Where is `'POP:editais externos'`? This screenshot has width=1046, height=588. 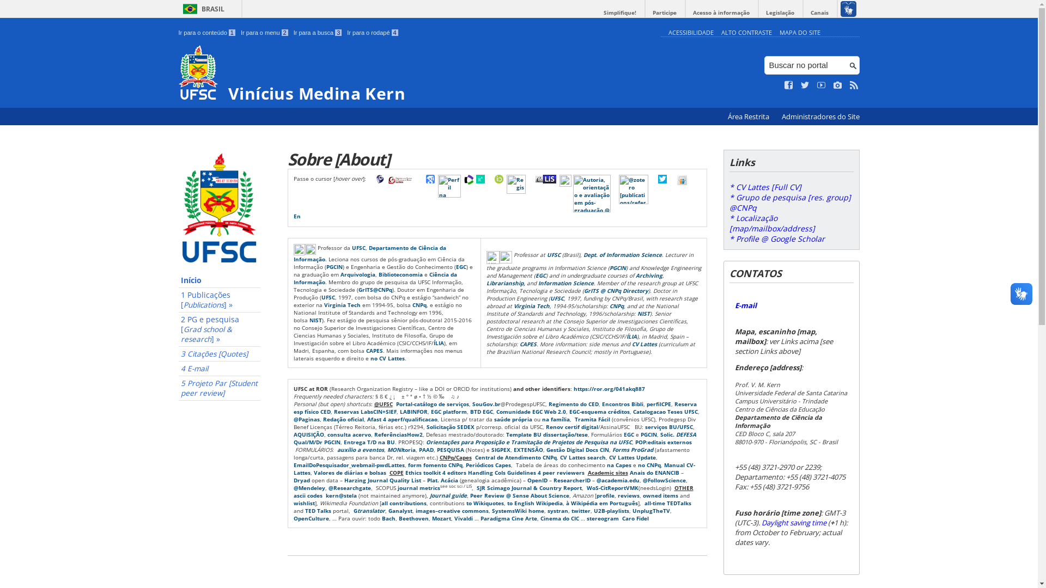
'POP:editais externos' is located at coordinates (663, 442).